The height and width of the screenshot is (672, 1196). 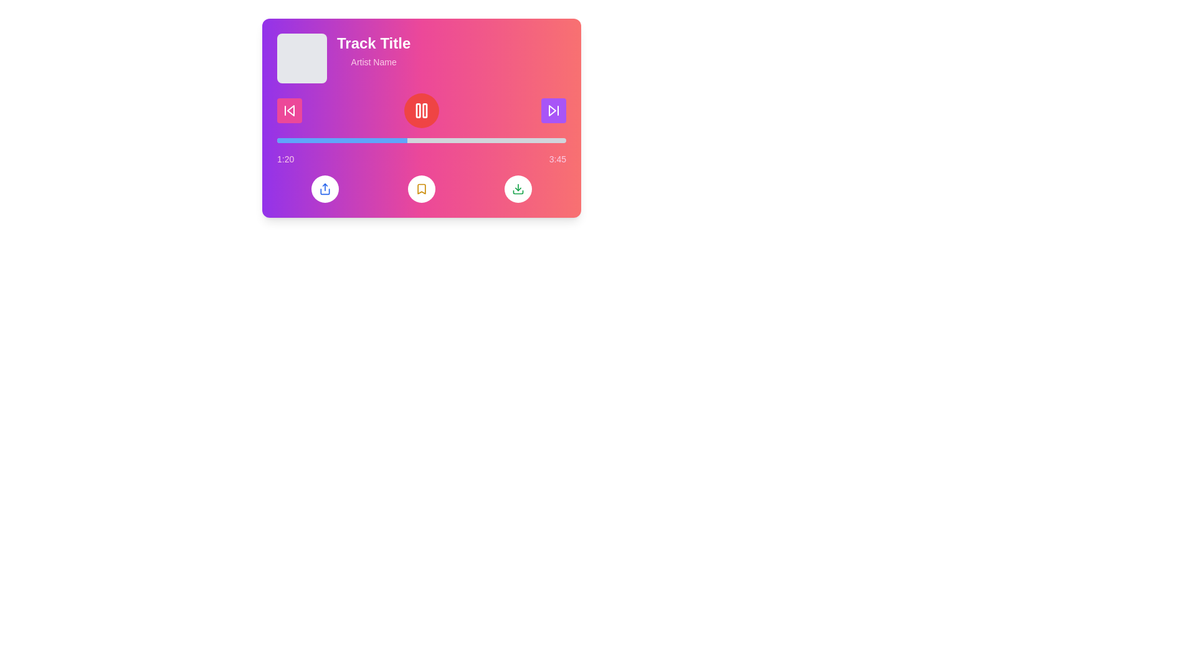 What do you see at coordinates (553, 110) in the screenshot?
I see `the purple square button with a rounded border that features a white forward skip icon, located on the right side of the horizontal row of interactive elements` at bounding box center [553, 110].